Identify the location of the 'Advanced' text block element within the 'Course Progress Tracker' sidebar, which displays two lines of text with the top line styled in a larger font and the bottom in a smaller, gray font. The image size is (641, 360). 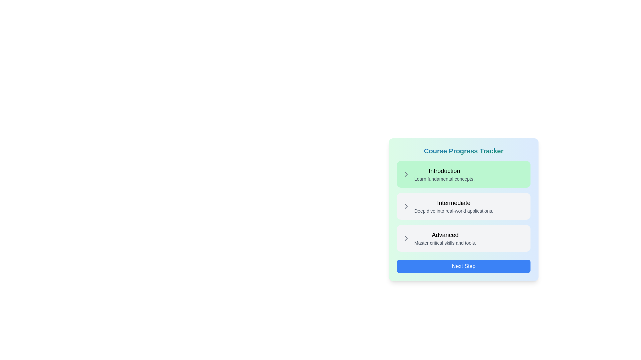
(445, 238).